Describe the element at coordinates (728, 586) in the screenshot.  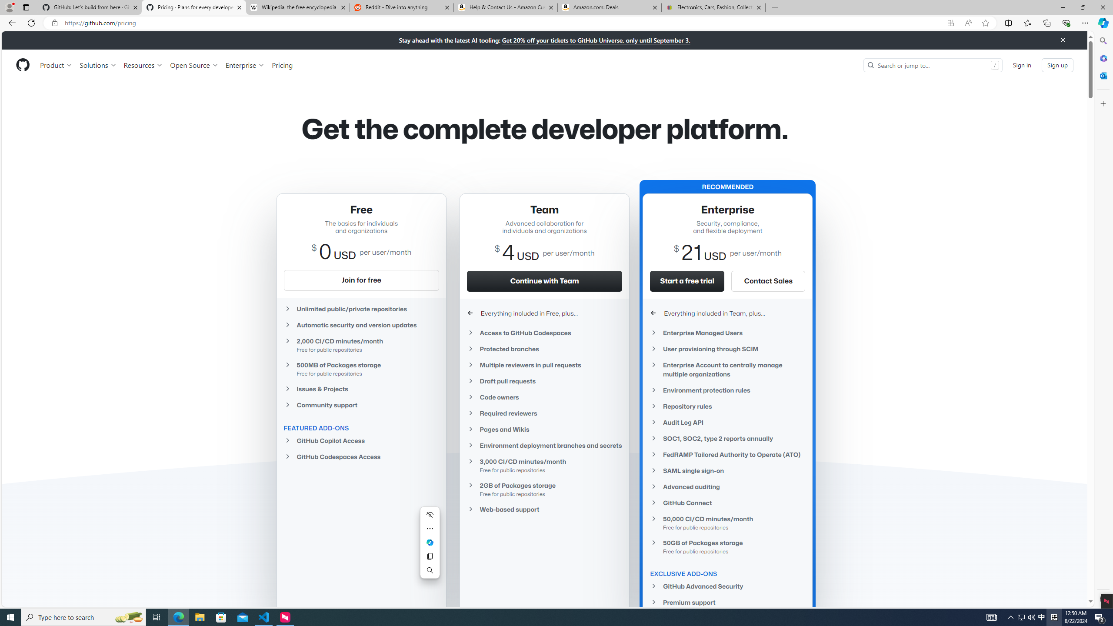
I see `'GitHub Advanced Security'` at that location.